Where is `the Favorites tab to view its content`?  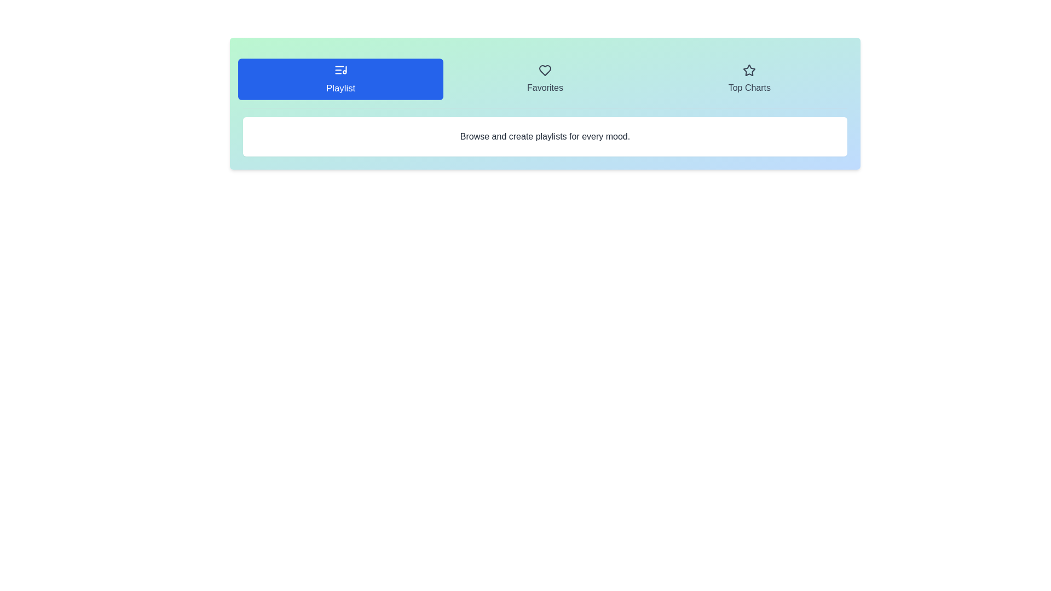
the Favorites tab to view its content is located at coordinates (545, 79).